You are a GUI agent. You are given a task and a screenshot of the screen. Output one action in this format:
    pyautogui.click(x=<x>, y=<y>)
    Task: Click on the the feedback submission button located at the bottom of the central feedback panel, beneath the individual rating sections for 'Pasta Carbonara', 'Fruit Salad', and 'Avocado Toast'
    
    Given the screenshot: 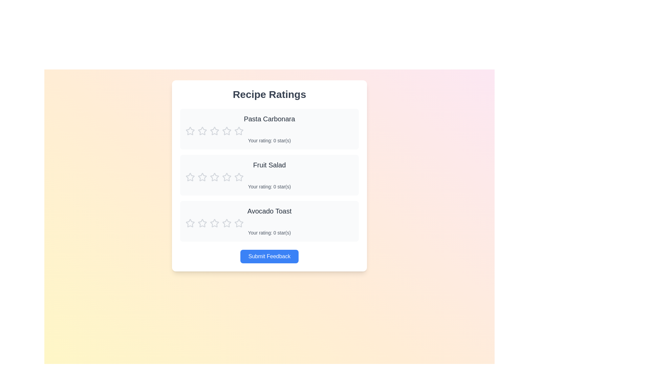 What is the action you would take?
    pyautogui.click(x=269, y=256)
    